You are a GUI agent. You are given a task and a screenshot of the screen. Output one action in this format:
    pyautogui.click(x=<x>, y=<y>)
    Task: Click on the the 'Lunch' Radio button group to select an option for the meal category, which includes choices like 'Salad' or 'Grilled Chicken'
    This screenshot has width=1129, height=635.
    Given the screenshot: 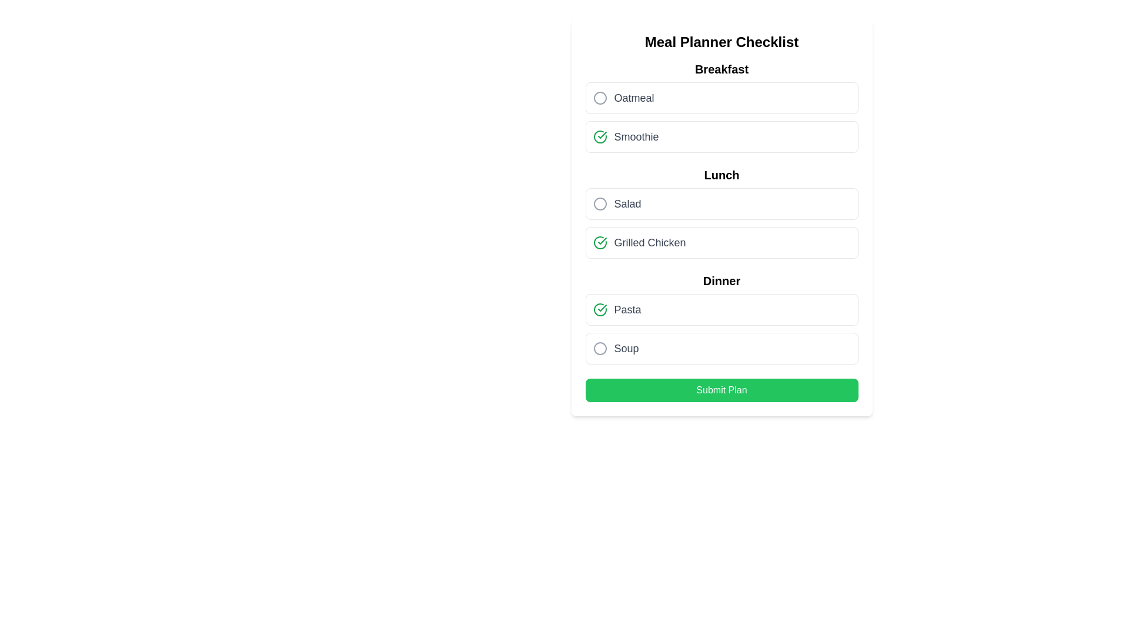 What is the action you would take?
    pyautogui.click(x=721, y=213)
    